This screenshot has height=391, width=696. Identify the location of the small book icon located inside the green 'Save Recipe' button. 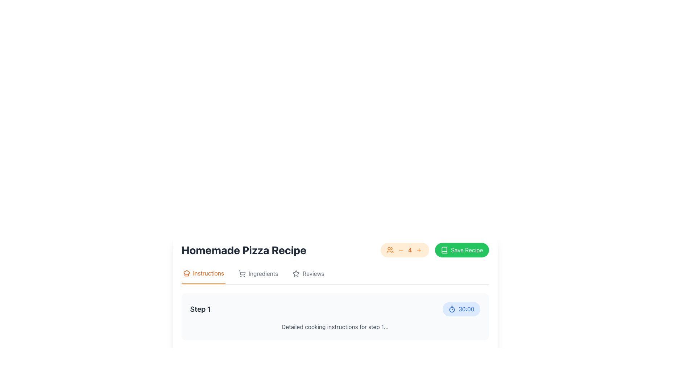
(444, 249).